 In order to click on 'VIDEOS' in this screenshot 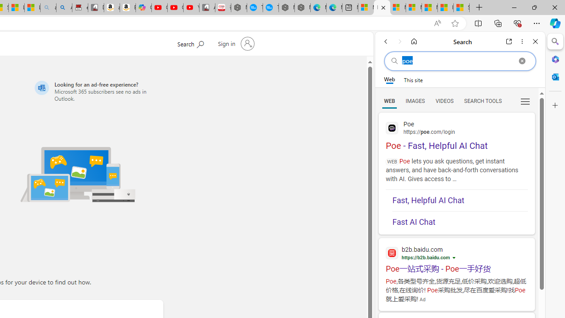, I will do `click(444, 100)`.